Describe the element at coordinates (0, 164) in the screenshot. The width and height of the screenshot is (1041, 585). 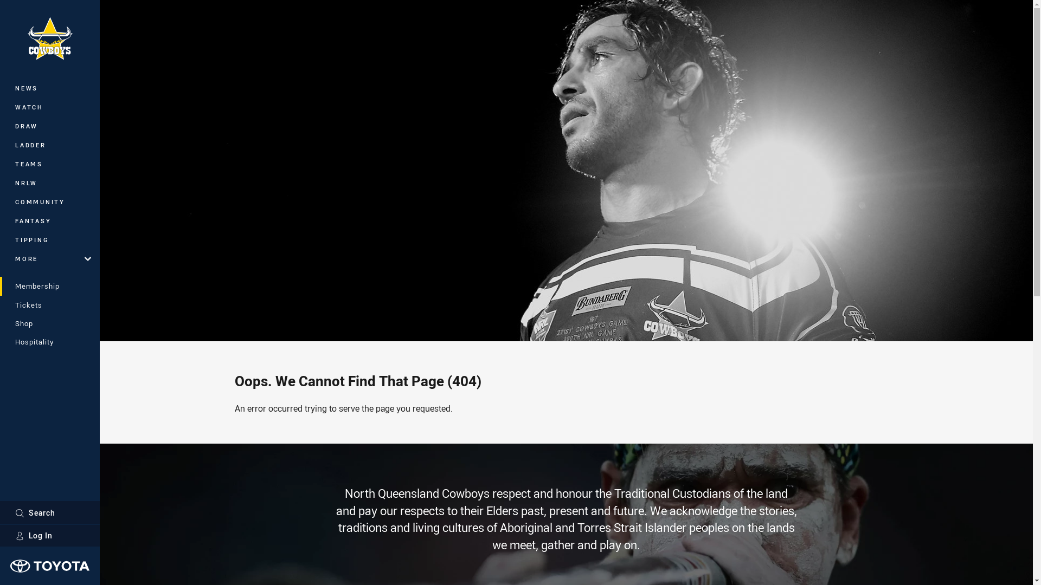
I see `'TEAMS'` at that location.